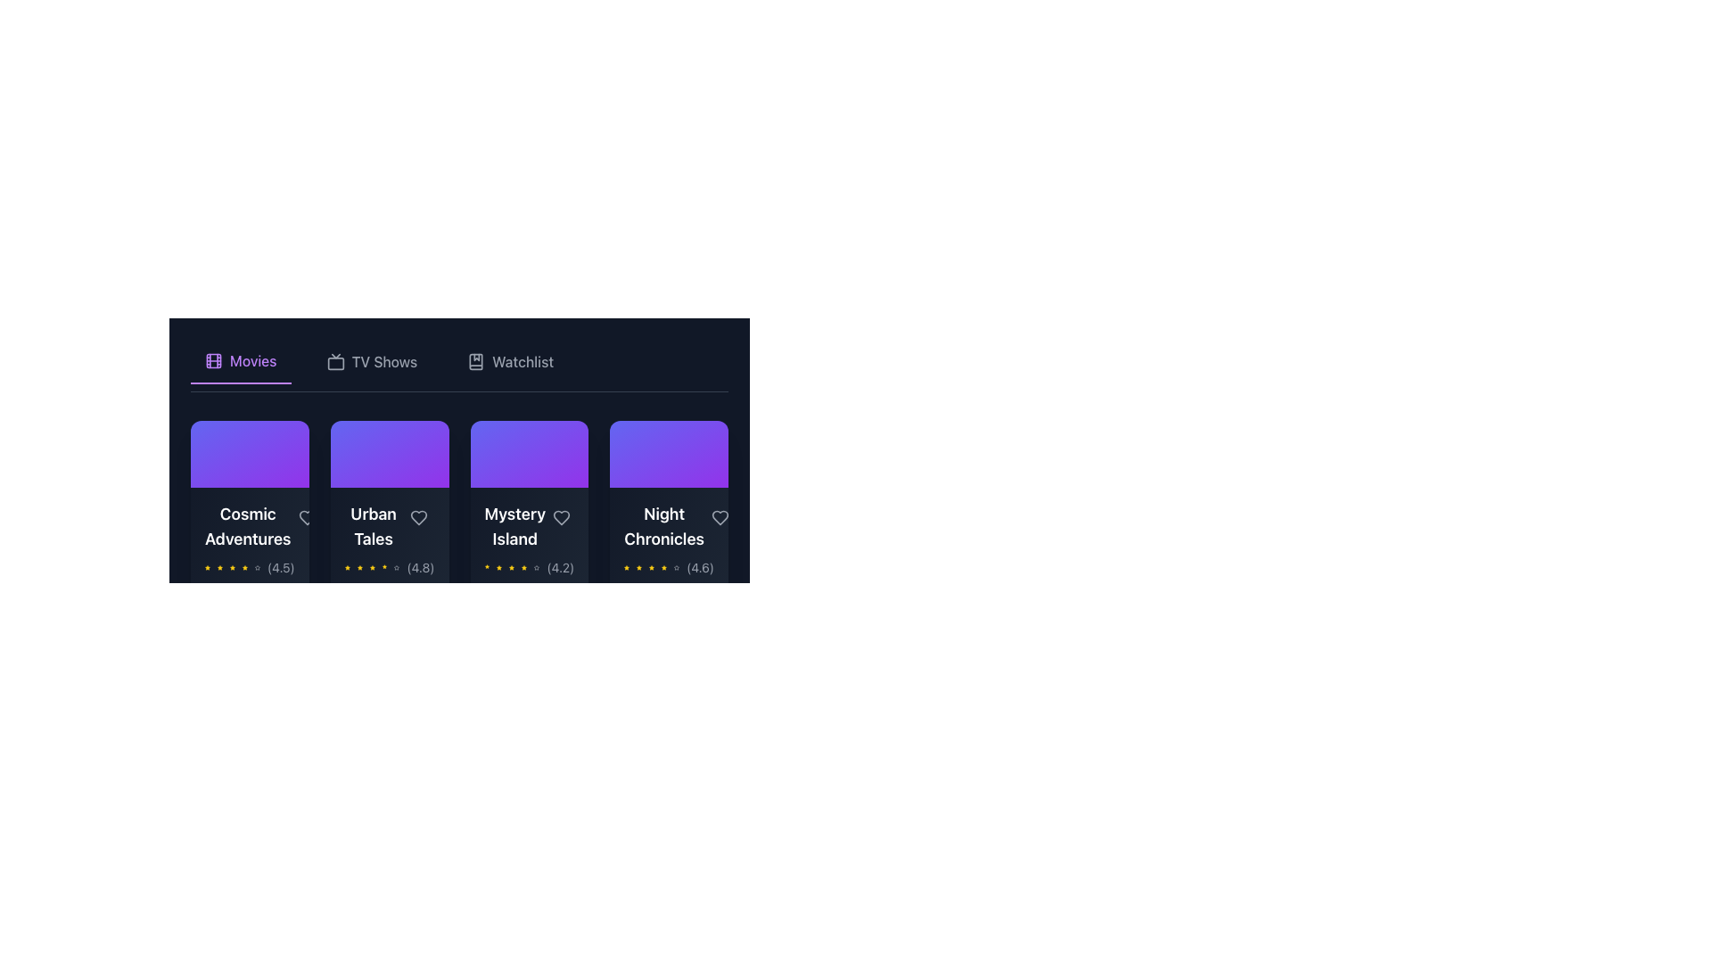 This screenshot has width=1712, height=963. What do you see at coordinates (256, 567) in the screenshot?
I see `the fifth star icon used for rating purposes in the 'Cosmic Adventures' content card footer to indicate the last level of a five-star rating scale` at bounding box center [256, 567].